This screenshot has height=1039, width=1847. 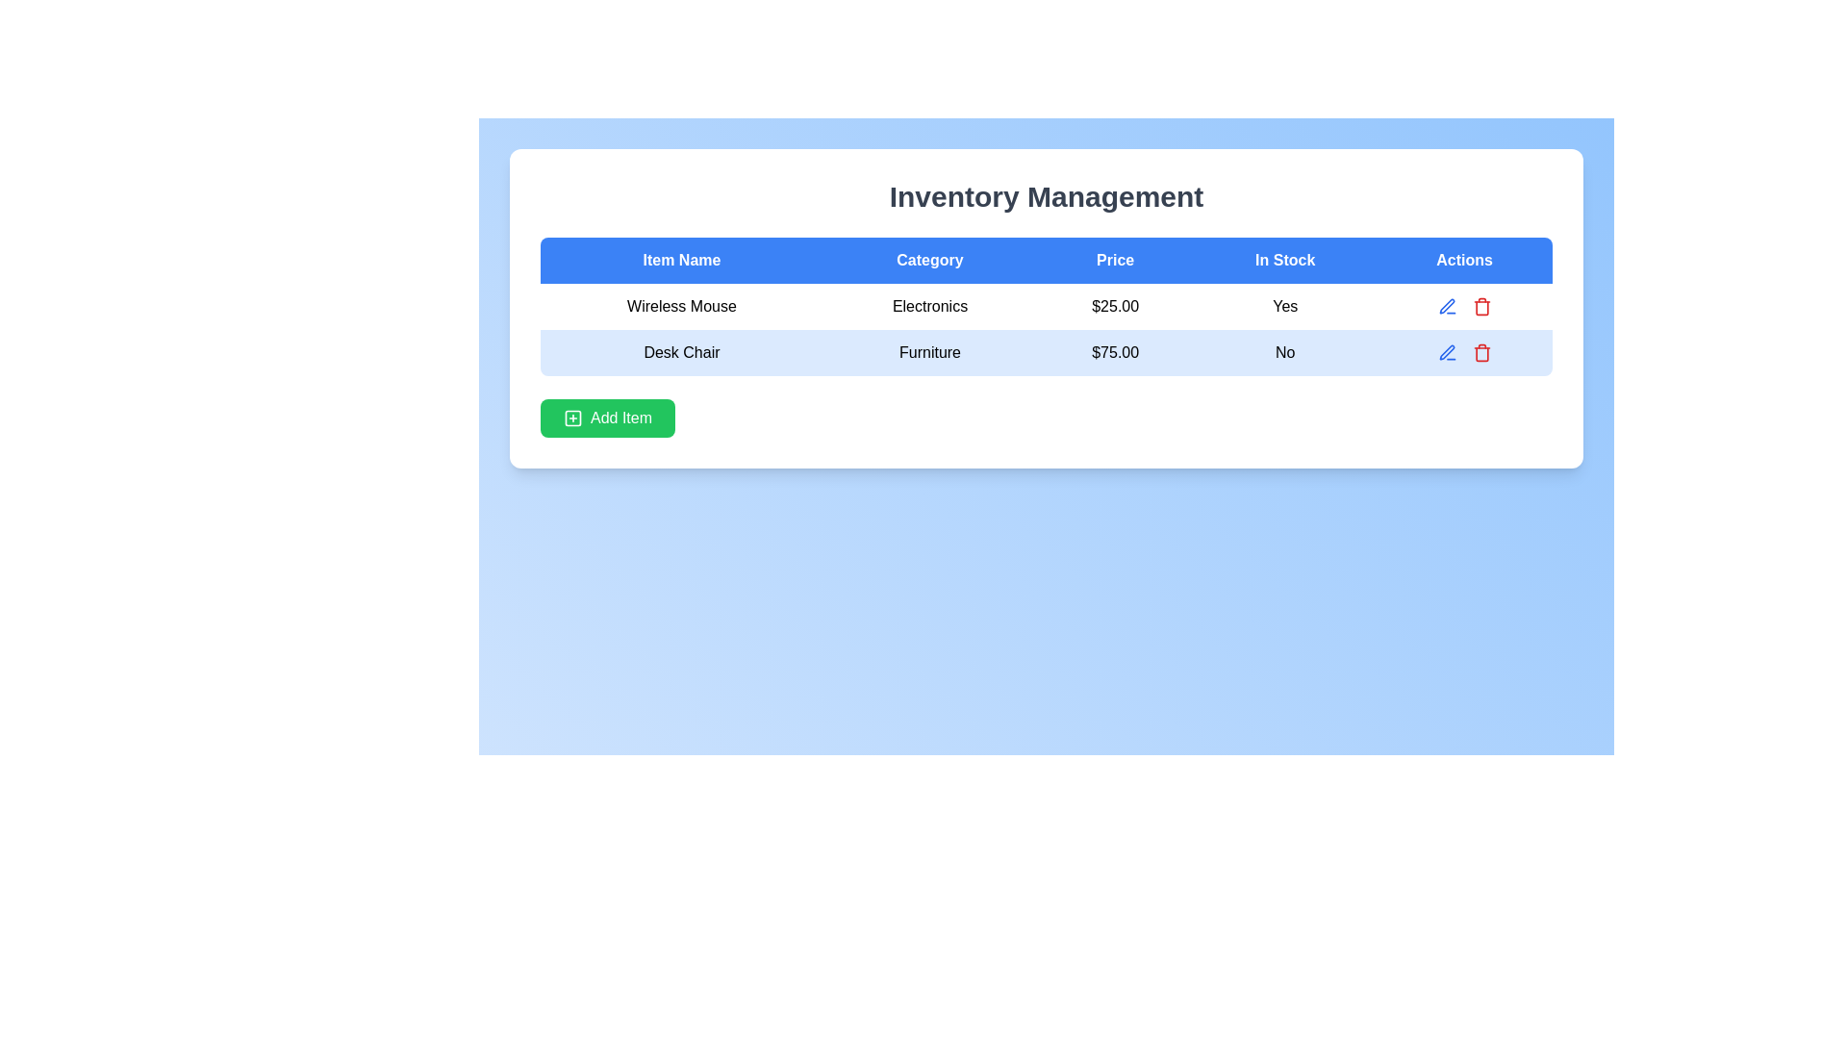 I want to click on the blue rectangle containing the white text 'Actions', which is the fifth column header in the table header row, so click(x=1463, y=260).